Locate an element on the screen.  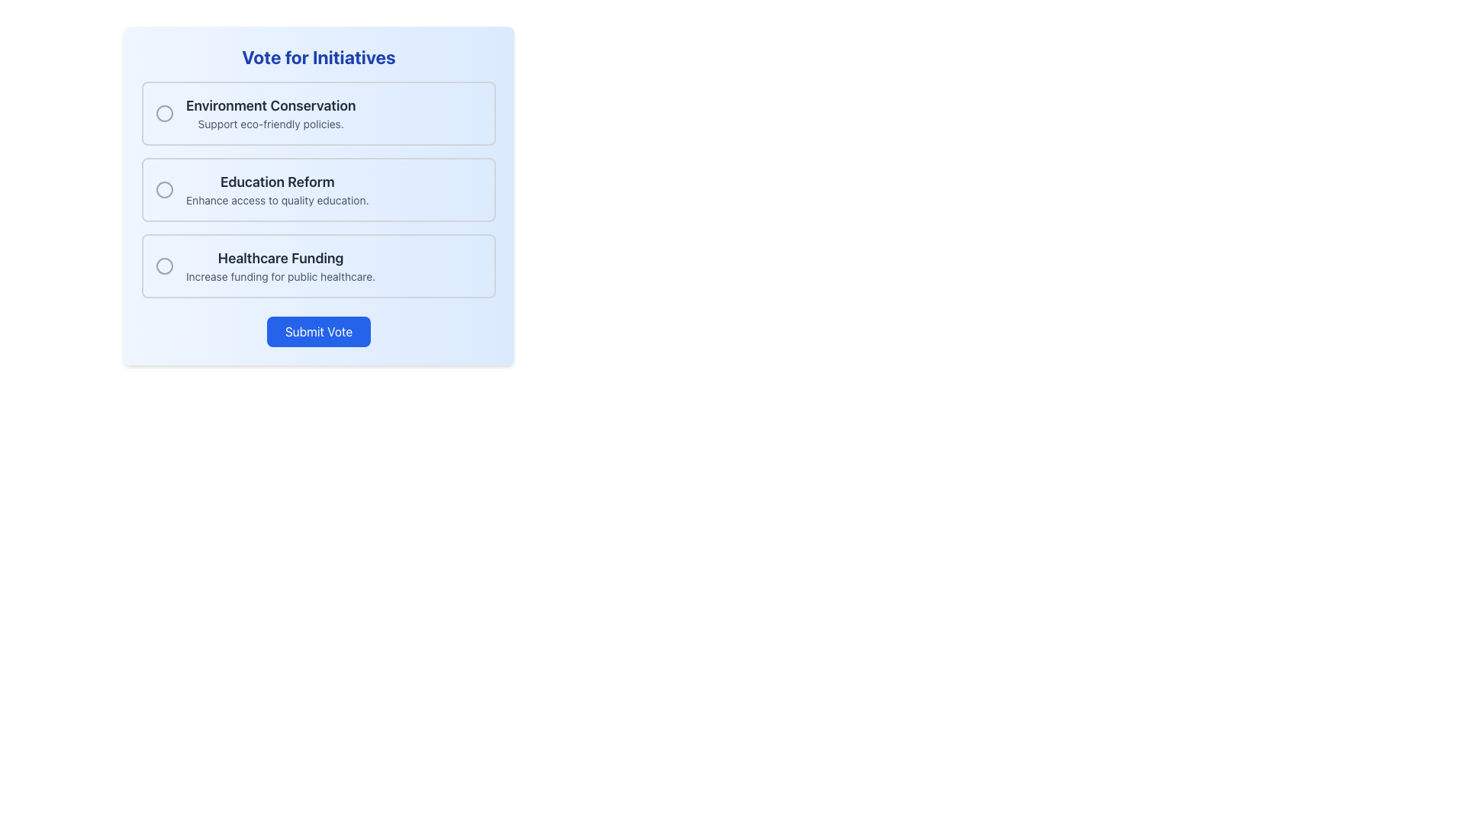
the blue rectangular 'Submit Vote' button located at the bottom center of the voting interface is located at coordinates (317, 331).